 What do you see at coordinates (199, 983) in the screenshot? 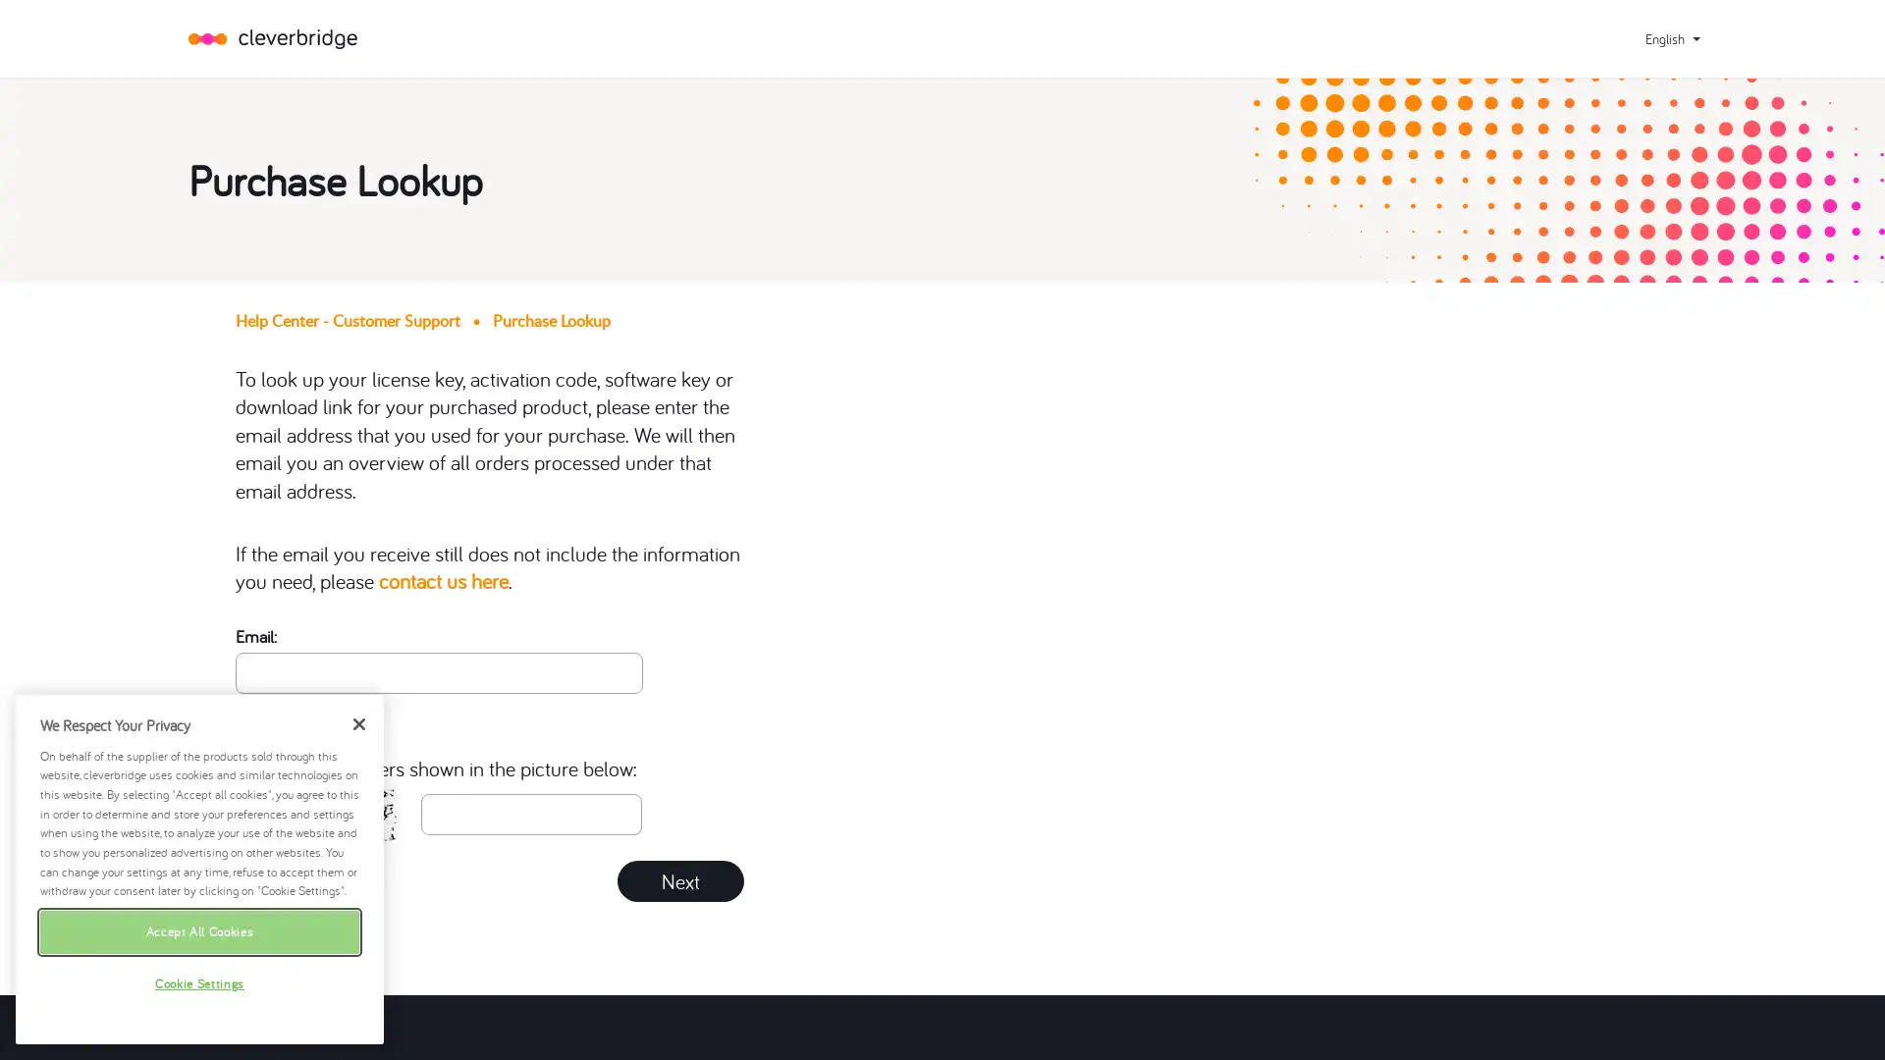
I see `Cookie Settings` at bounding box center [199, 983].